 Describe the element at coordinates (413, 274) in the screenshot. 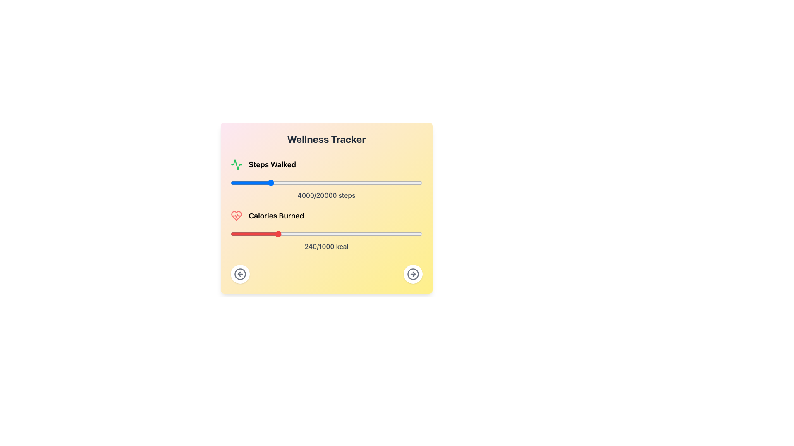

I see `the navigation button located at the bottom-right corner of the Wellness Tracker interface, which features a right-pointing arrow icon` at that location.